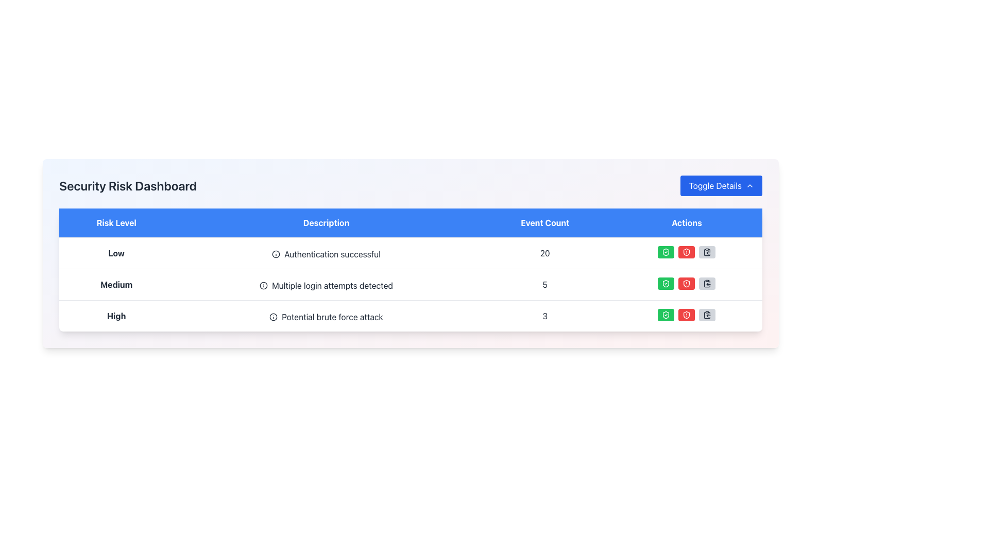 The height and width of the screenshot is (556, 989). What do you see at coordinates (687, 222) in the screenshot?
I see `the 'Actions' text label, which has a blue background and white text, located in the fourth column of the header row in the tabular layout` at bounding box center [687, 222].